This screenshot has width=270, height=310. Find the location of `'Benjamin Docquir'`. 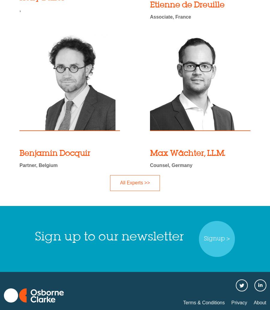

'Benjamin Docquir' is located at coordinates (55, 153).